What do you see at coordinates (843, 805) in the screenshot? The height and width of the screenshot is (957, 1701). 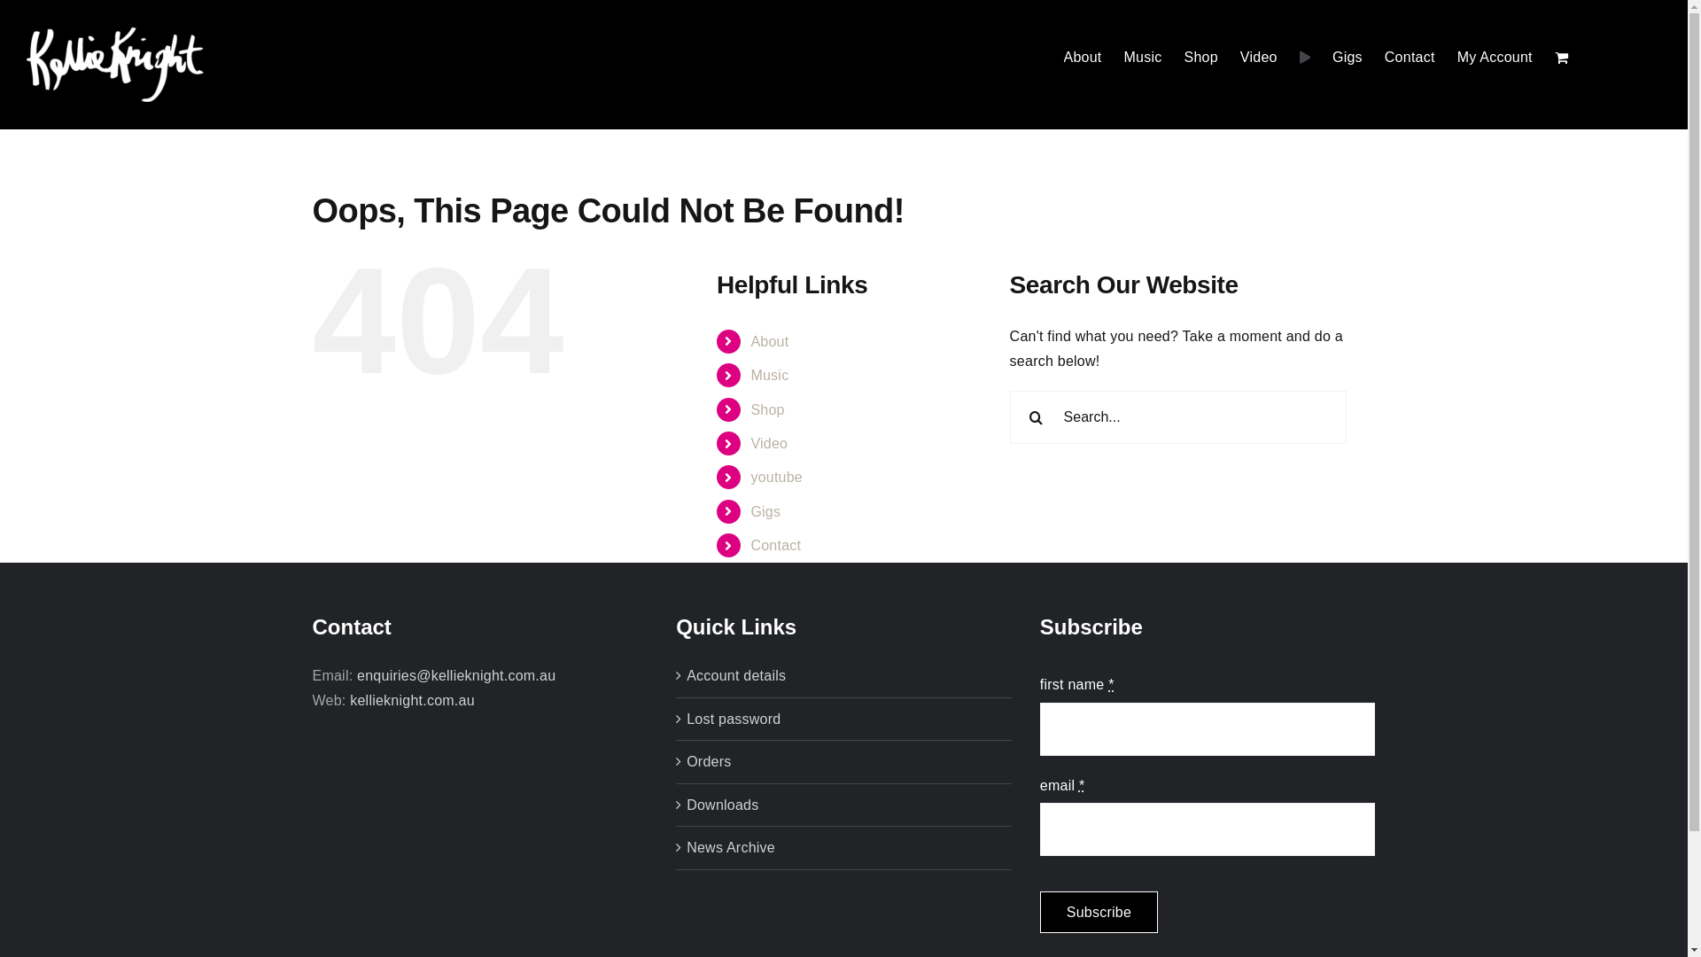 I see `'Downloads'` at bounding box center [843, 805].